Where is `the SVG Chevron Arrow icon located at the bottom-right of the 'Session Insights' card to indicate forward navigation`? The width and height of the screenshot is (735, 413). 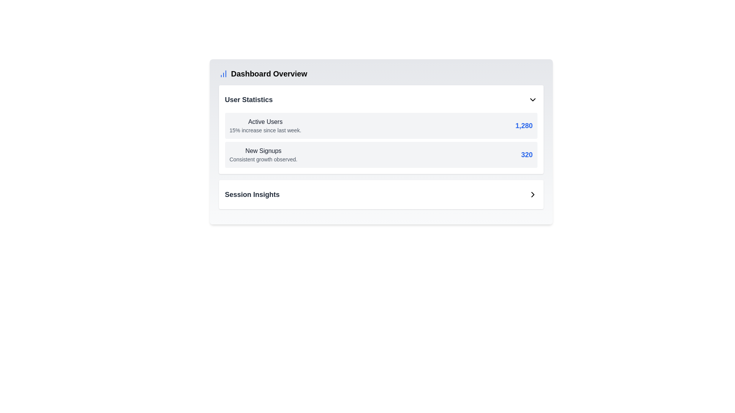 the SVG Chevron Arrow icon located at the bottom-right of the 'Session Insights' card to indicate forward navigation is located at coordinates (532, 194).